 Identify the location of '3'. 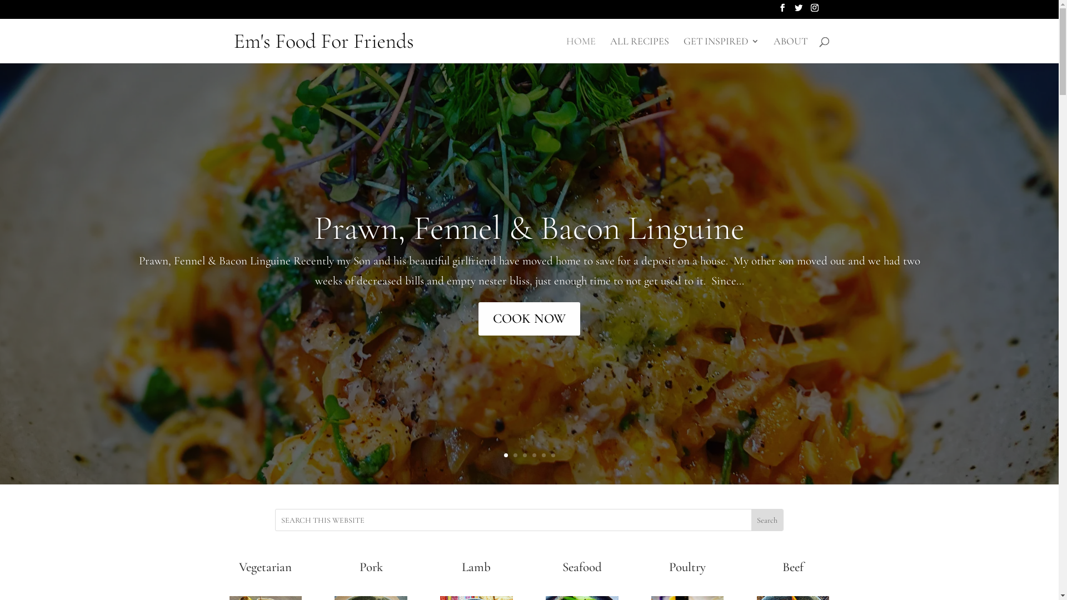
(523, 455).